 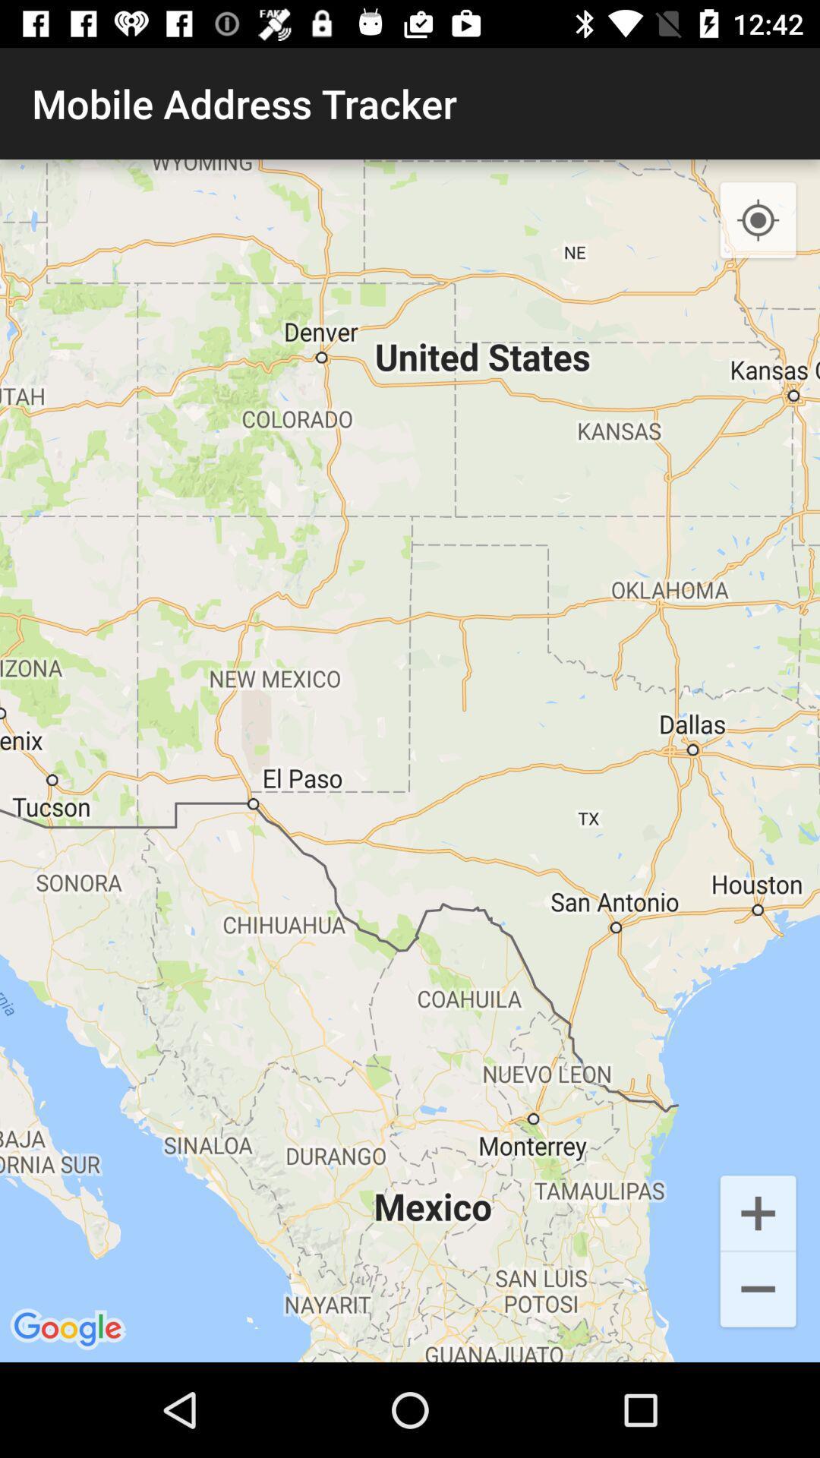 What do you see at coordinates (758, 1211) in the screenshot?
I see `the add icon` at bounding box center [758, 1211].